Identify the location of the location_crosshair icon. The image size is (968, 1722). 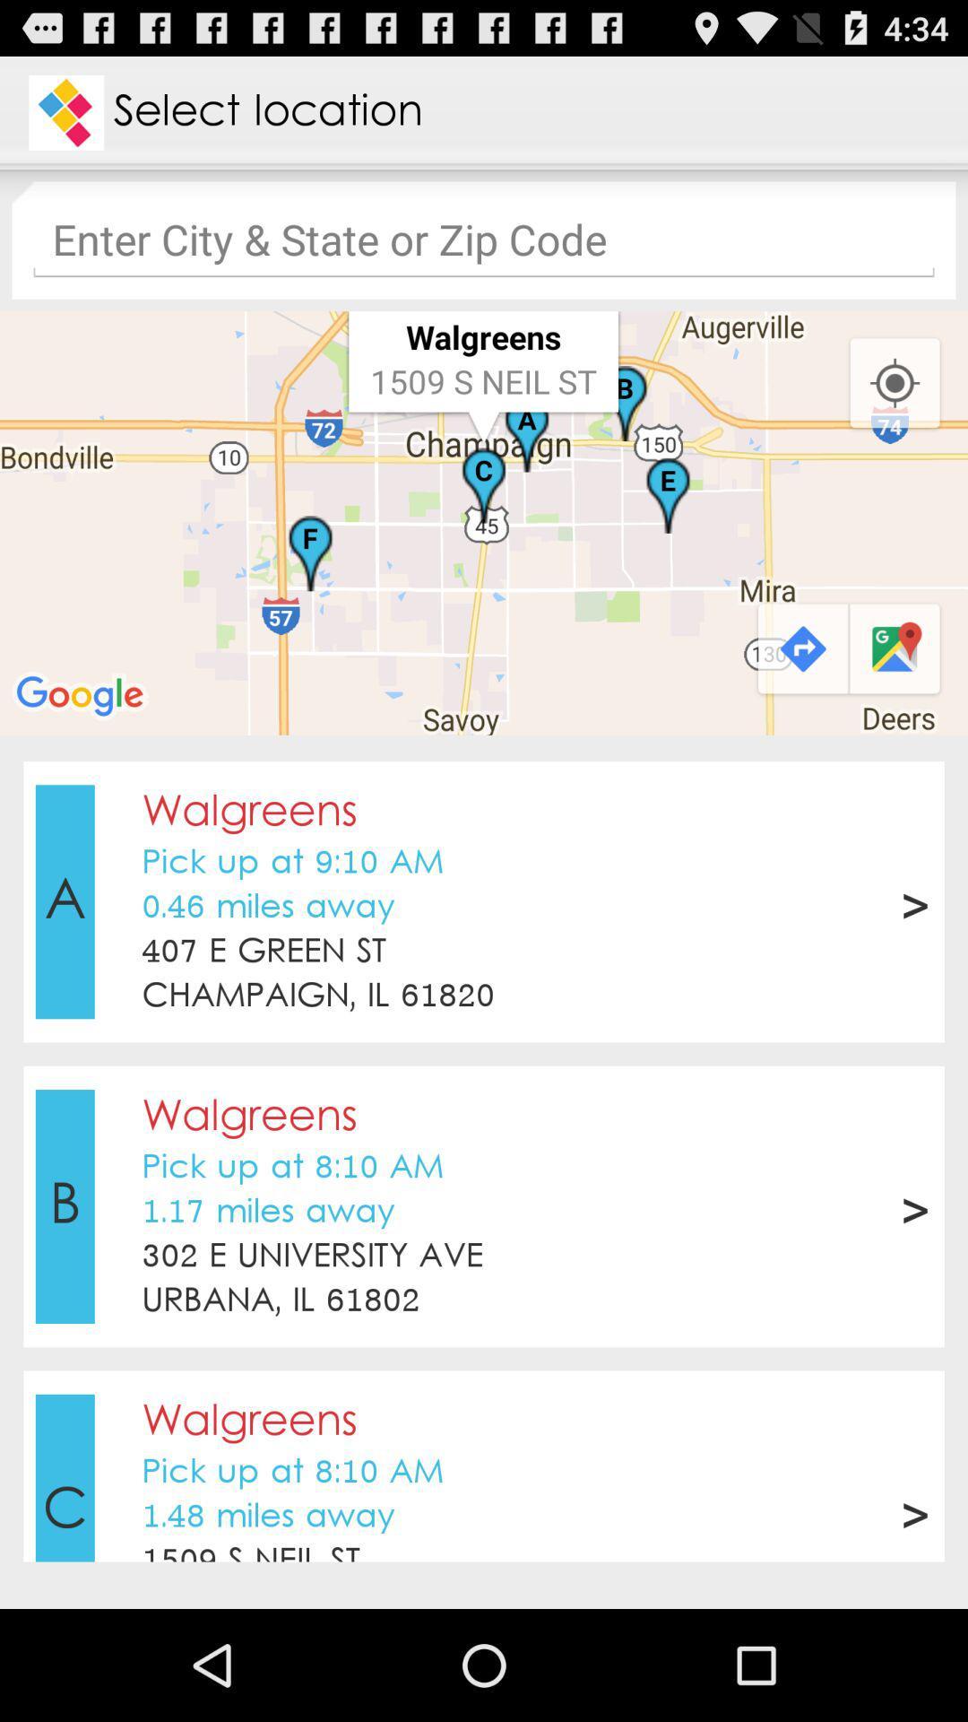
(895, 410).